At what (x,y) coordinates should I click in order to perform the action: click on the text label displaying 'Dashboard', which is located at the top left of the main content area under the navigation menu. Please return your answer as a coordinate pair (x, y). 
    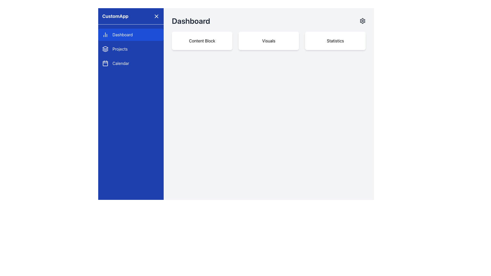
    Looking at the image, I should click on (191, 20).